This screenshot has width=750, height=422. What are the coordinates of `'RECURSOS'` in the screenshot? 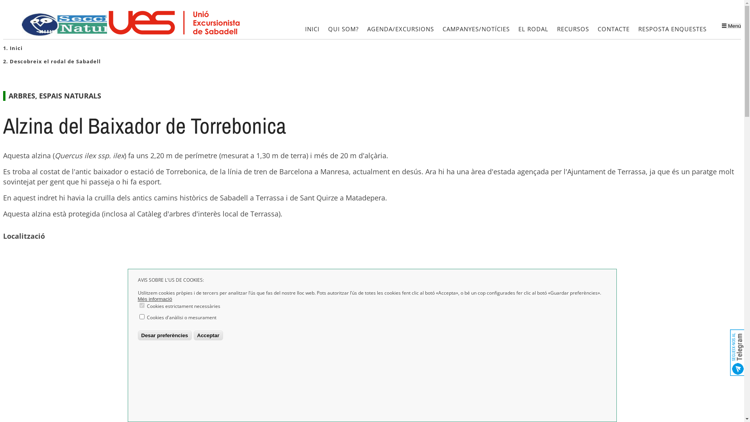 It's located at (573, 29).